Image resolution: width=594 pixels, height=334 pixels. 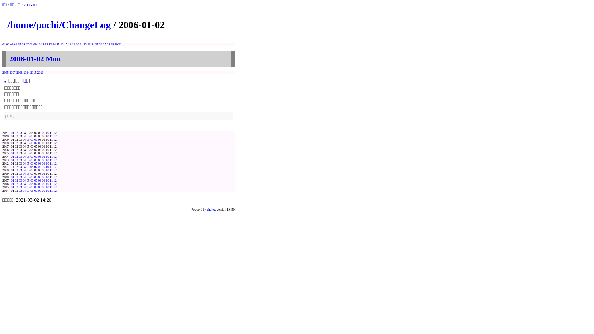 What do you see at coordinates (45, 163) in the screenshot?
I see `'10'` at bounding box center [45, 163].